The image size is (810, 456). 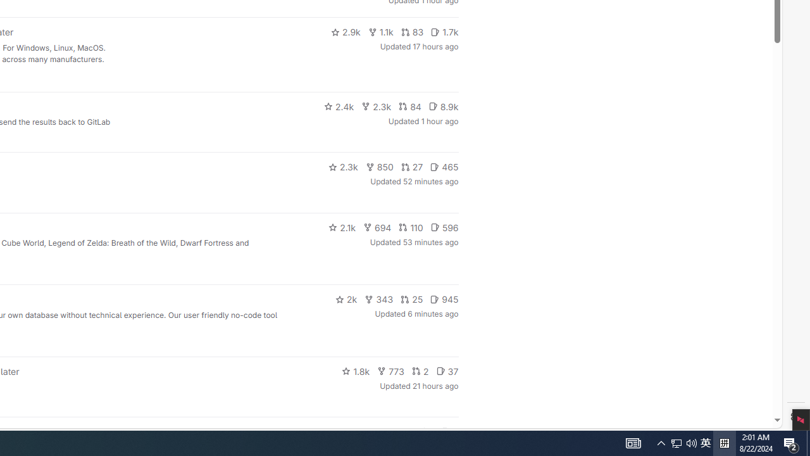 What do you see at coordinates (443, 106) in the screenshot?
I see `'8.9k'` at bounding box center [443, 106].